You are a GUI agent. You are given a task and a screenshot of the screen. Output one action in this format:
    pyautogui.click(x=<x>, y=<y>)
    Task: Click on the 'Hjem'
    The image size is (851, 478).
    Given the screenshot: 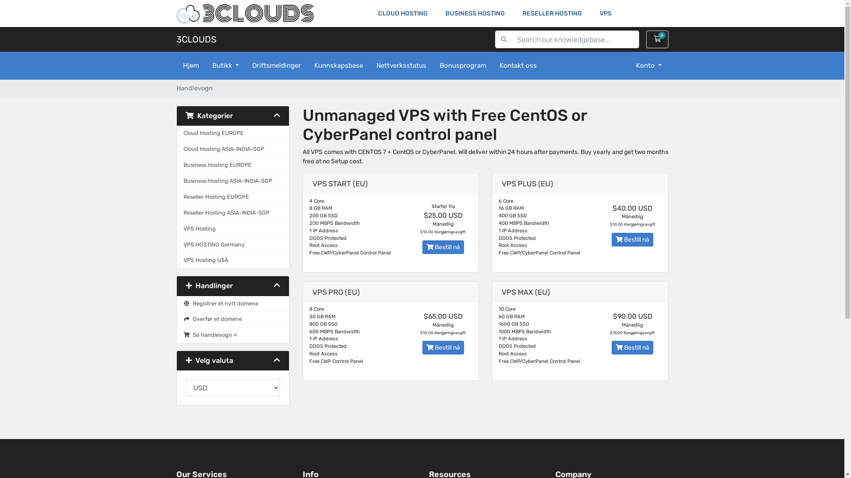 What is the action you would take?
    pyautogui.click(x=191, y=65)
    